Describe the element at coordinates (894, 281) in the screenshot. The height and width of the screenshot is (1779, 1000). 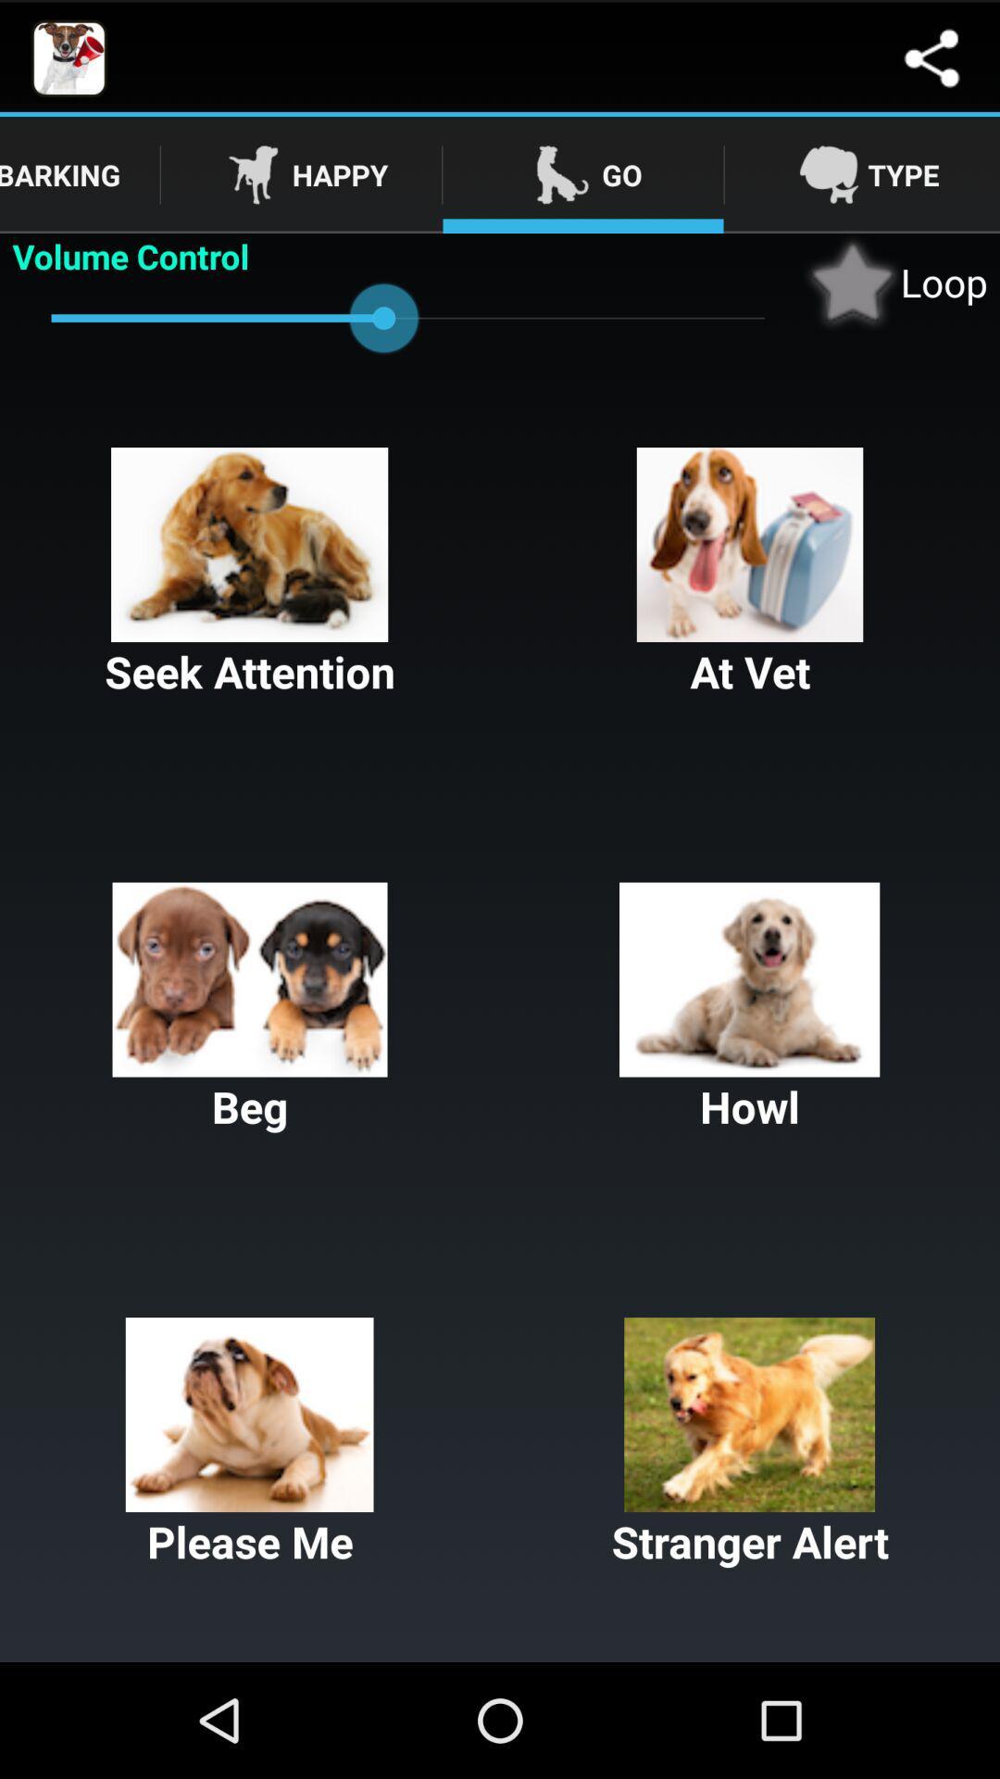
I see `the loop checkbox` at that location.